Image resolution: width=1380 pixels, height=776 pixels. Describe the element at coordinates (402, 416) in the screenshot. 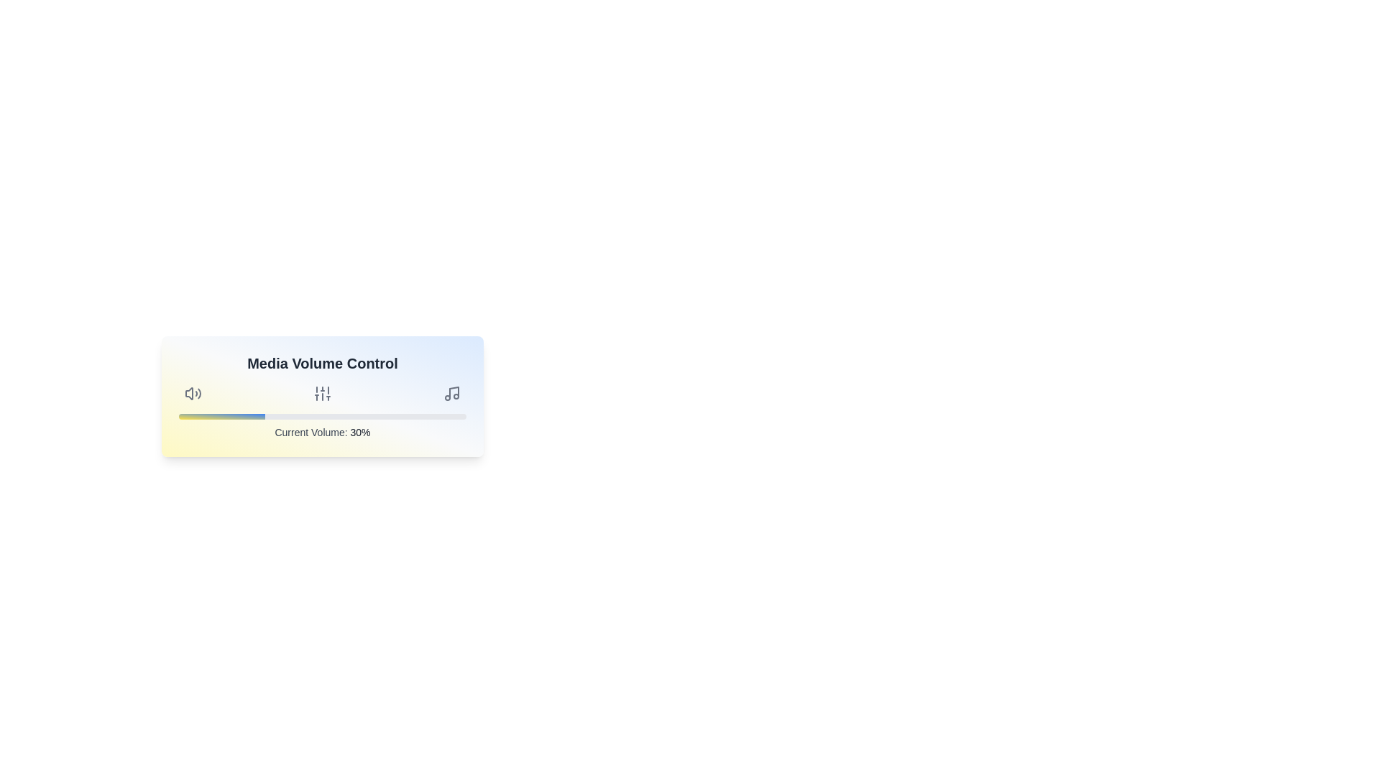

I see `the volume` at that location.